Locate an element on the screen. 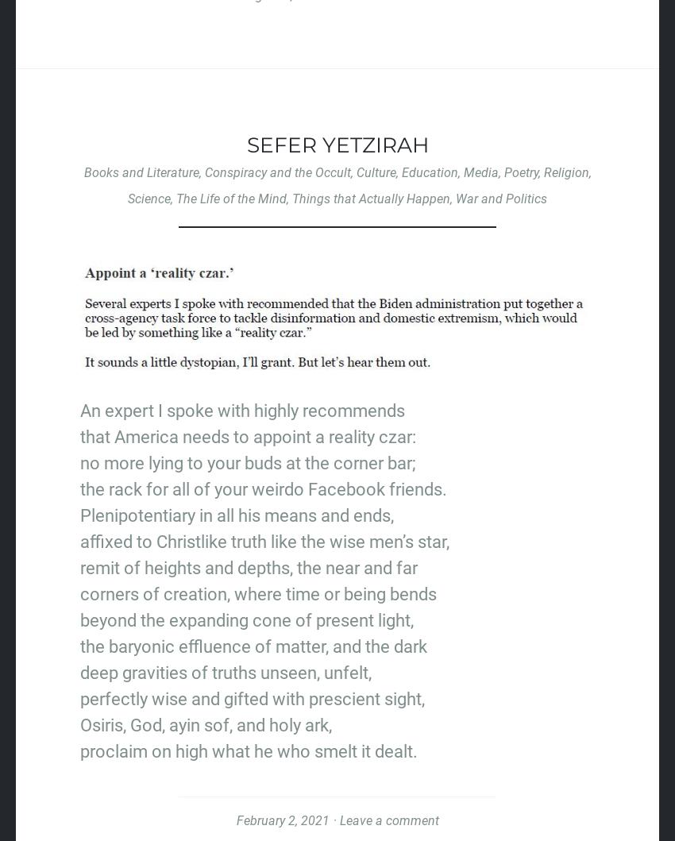  'Sefer Yetzirah' is located at coordinates (337, 143).